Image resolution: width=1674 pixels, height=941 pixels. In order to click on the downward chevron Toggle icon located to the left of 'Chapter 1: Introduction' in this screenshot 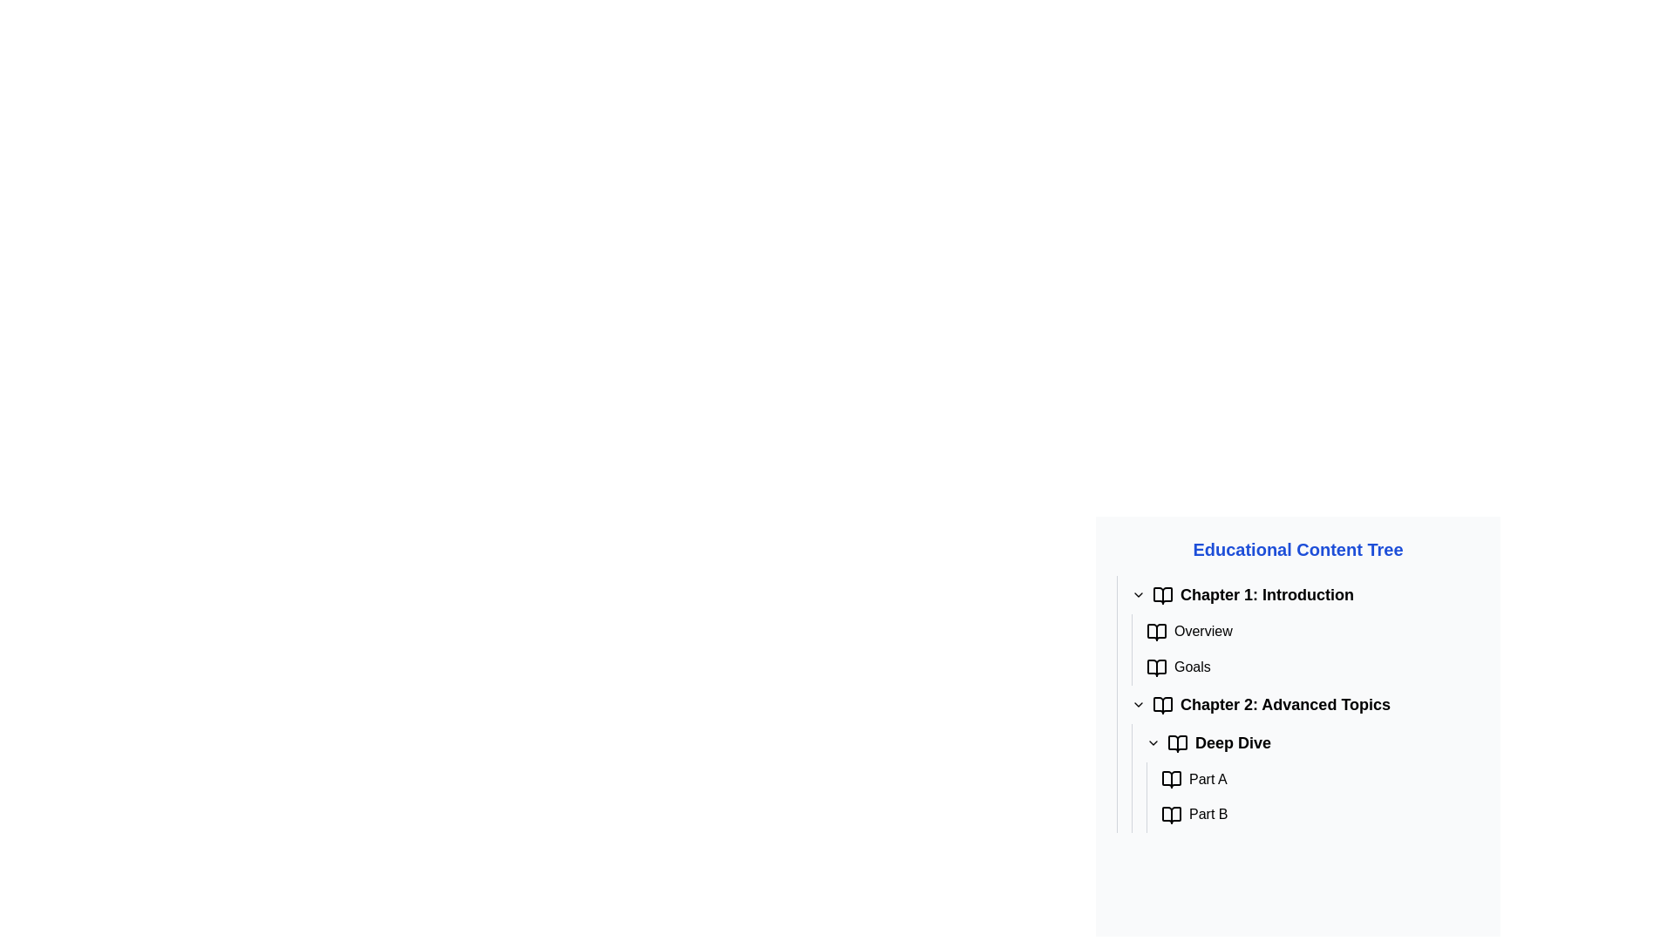, I will do `click(1138, 593)`.